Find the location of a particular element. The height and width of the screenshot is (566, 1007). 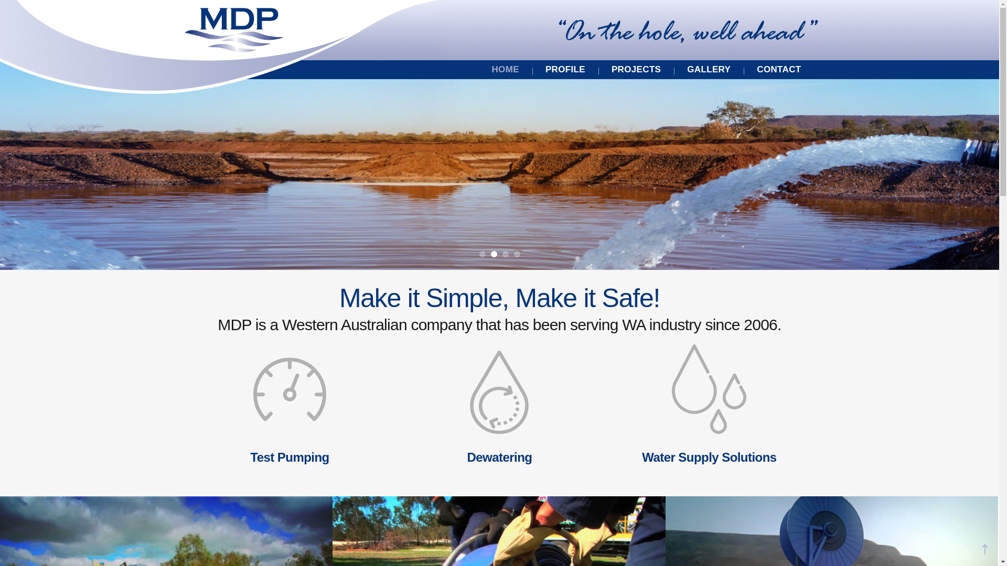

'HOME' is located at coordinates (506, 69).